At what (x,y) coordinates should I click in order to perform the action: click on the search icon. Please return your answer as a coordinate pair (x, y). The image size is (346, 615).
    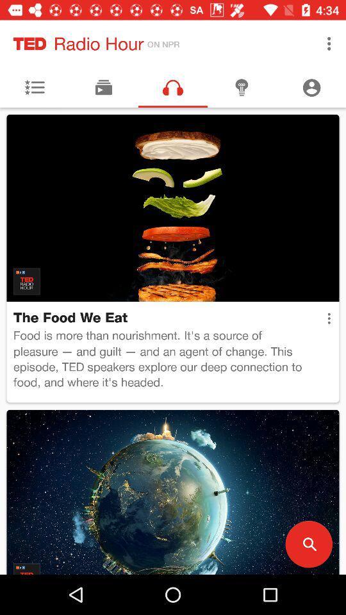
    Looking at the image, I should click on (308, 543).